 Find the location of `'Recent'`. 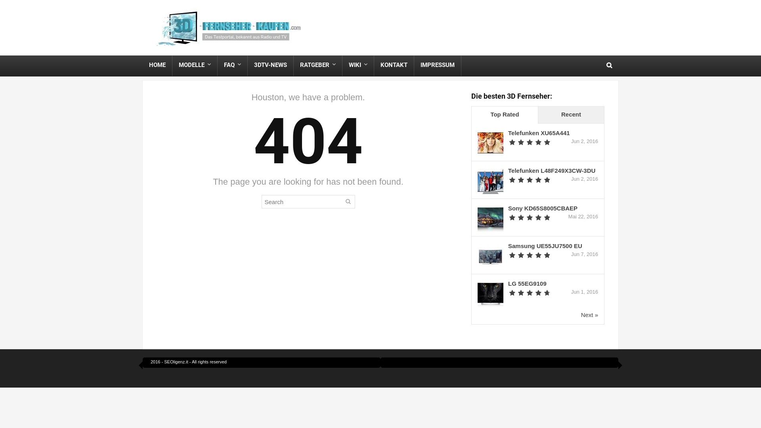

'Recent' is located at coordinates (571, 115).